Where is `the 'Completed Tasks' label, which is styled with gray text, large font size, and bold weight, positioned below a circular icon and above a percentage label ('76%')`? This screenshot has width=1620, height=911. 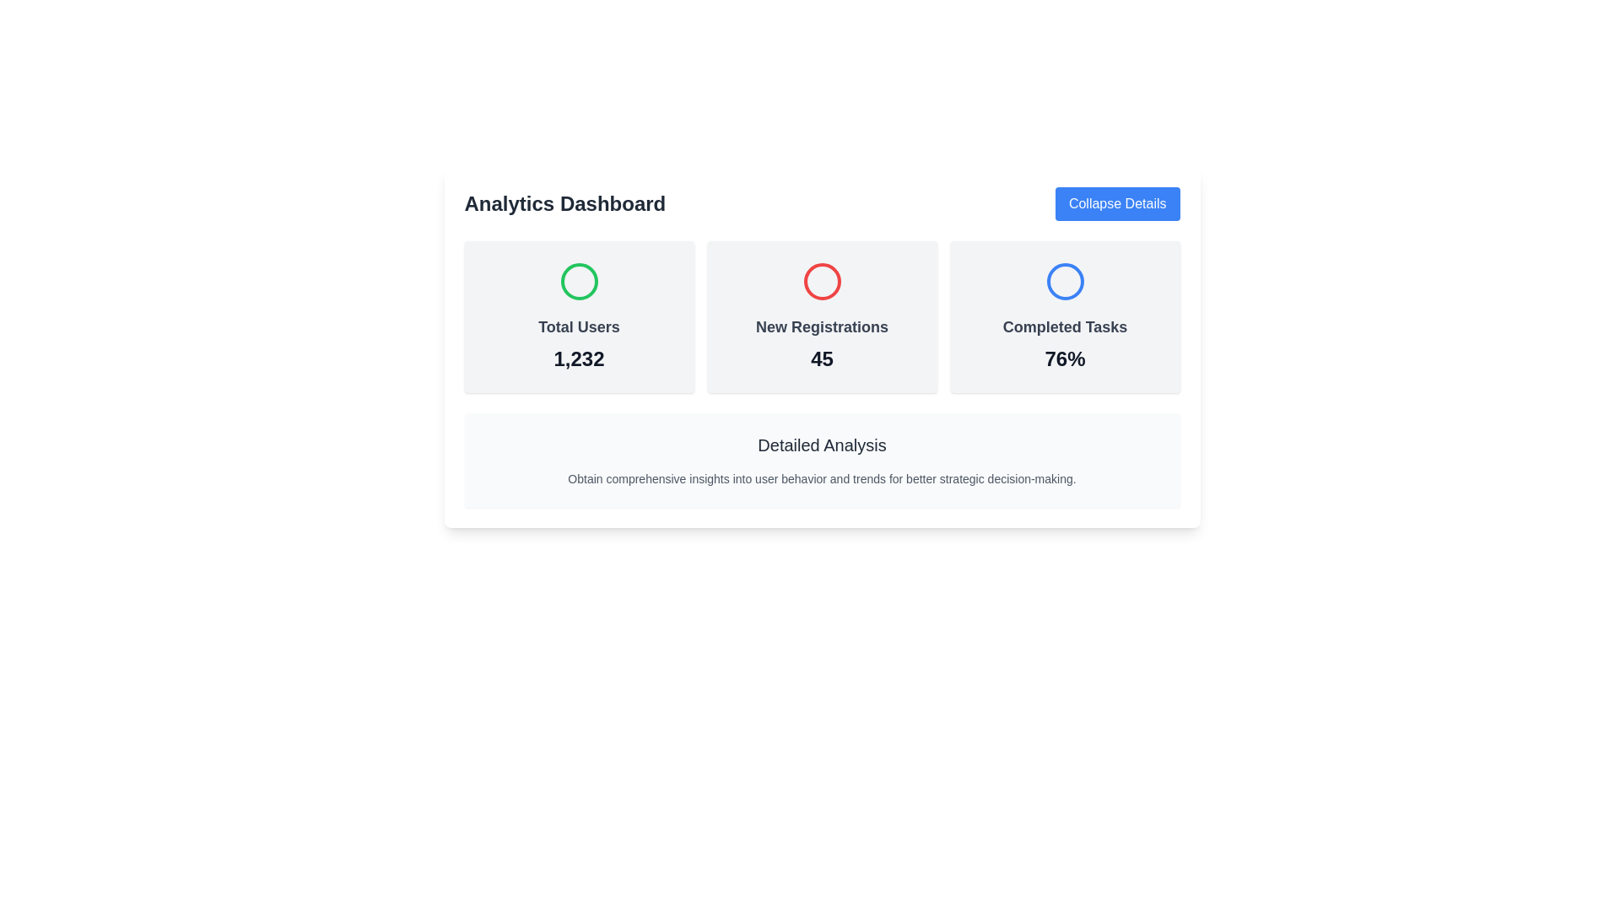 the 'Completed Tasks' label, which is styled with gray text, large font size, and bold weight, positioned below a circular icon and above a percentage label ('76%') is located at coordinates (1064, 327).